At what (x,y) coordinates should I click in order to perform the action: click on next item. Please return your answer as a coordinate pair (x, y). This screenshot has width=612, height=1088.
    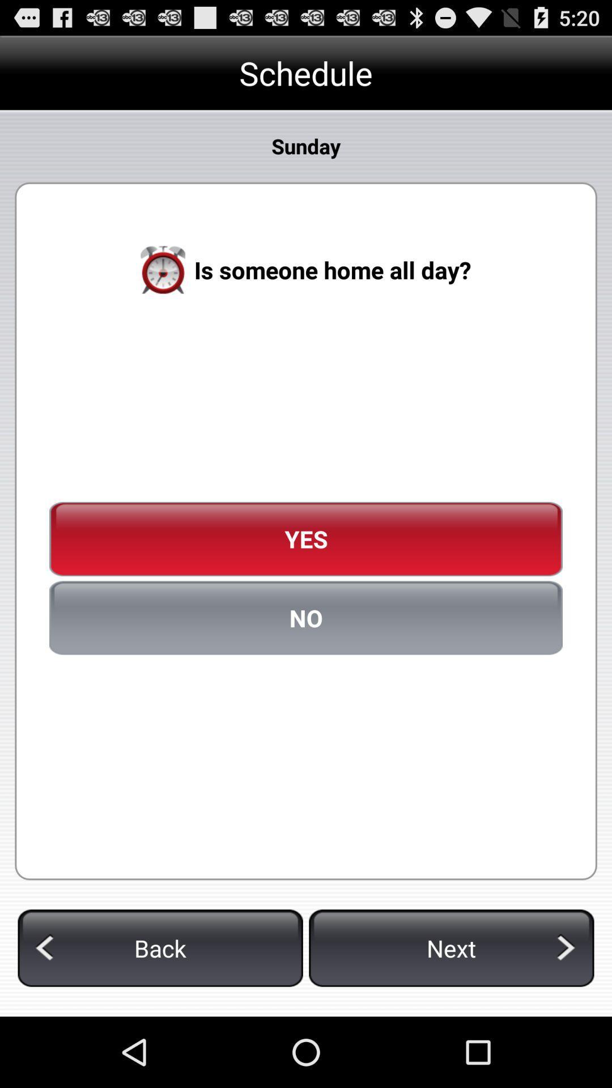
    Looking at the image, I should click on (450, 948).